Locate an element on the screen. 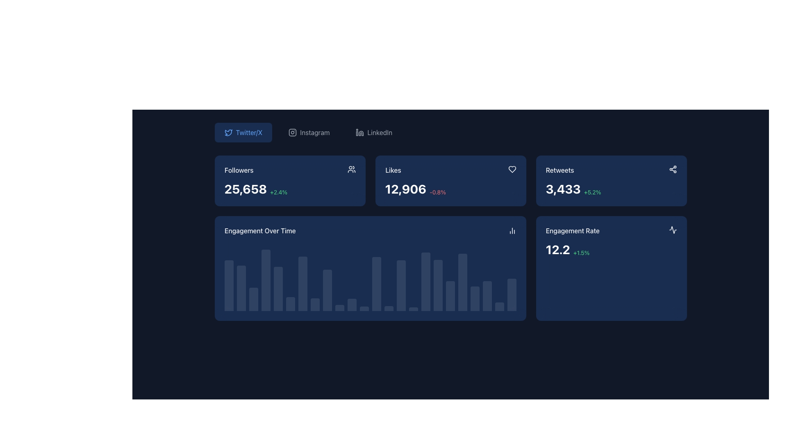  the Twitter/X icon located on the left side of the rectangular button labeled 'Twitter/X' in the upper section of the interface is located at coordinates (228, 132).